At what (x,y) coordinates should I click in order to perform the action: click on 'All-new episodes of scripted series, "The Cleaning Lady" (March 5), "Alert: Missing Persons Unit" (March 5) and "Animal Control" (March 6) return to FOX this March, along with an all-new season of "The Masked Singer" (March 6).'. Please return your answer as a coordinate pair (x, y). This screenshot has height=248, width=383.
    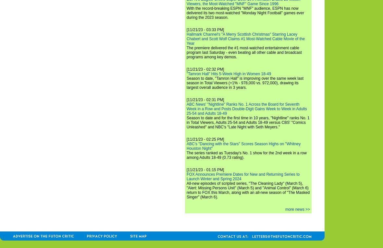
    Looking at the image, I should click on (248, 190).